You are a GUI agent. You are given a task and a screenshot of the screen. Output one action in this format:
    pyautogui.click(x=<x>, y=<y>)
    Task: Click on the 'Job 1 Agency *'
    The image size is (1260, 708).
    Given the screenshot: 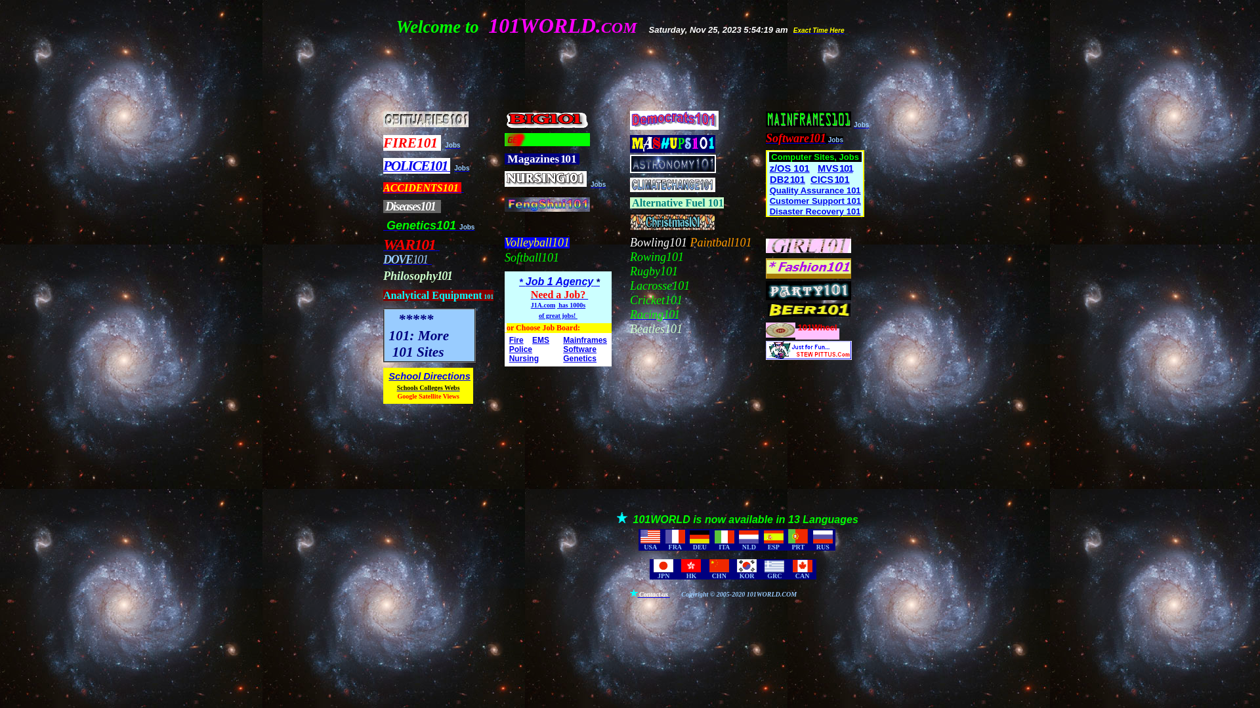 What is the action you would take?
    pyautogui.click(x=562, y=281)
    